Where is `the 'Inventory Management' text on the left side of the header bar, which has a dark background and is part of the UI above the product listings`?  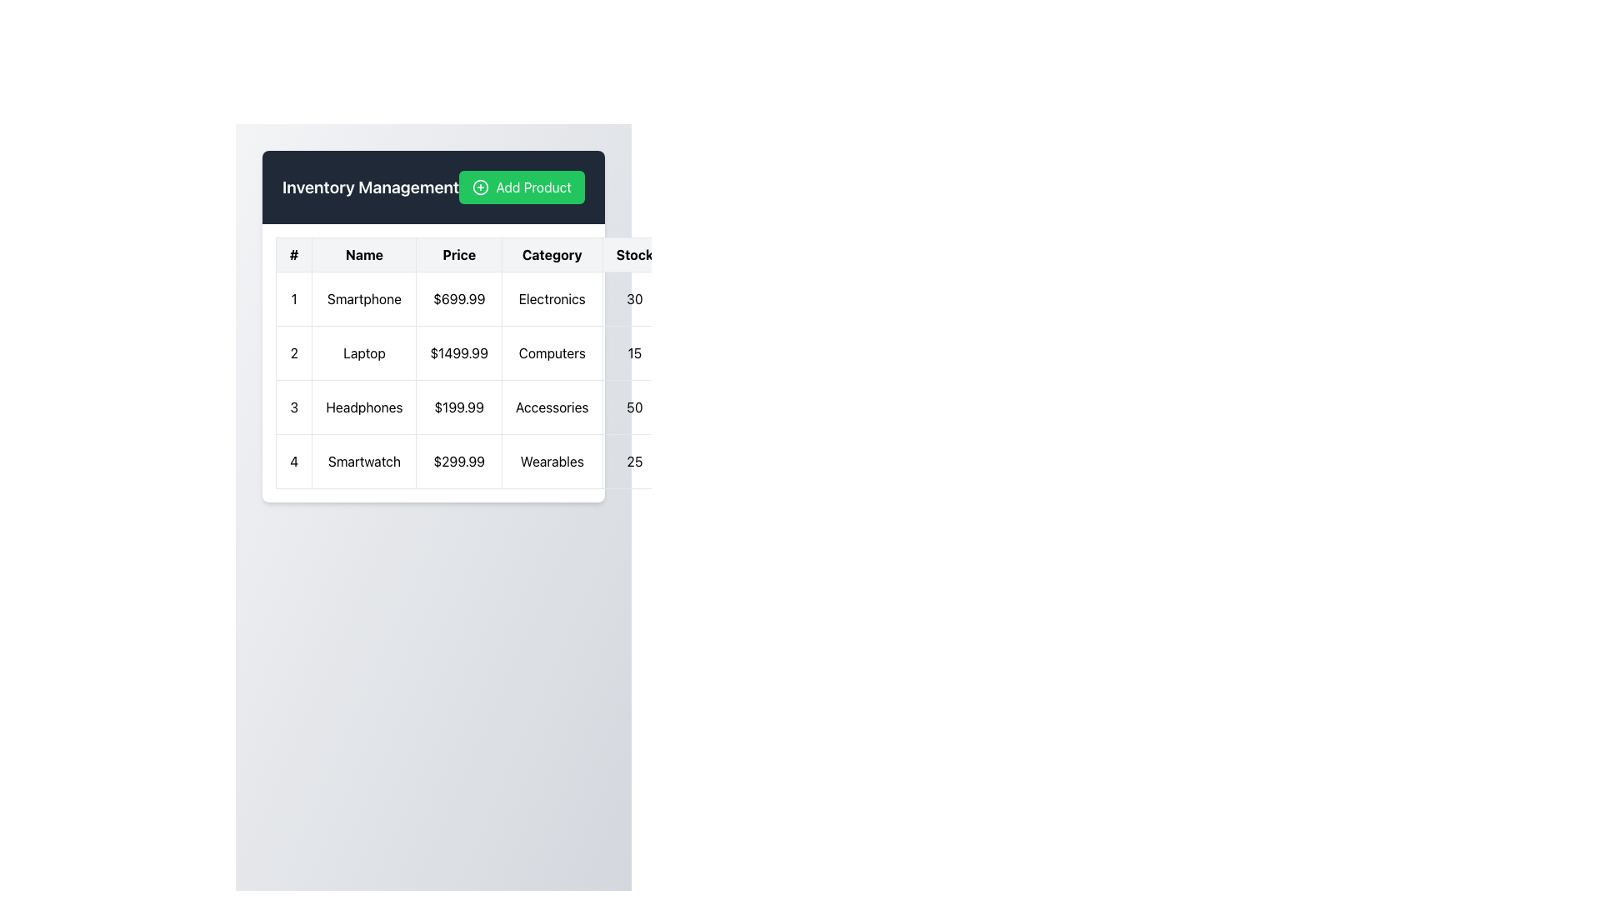 the 'Inventory Management' text on the left side of the header bar, which has a dark background and is part of the UI above the product listings is located at coordinates (433, 187).